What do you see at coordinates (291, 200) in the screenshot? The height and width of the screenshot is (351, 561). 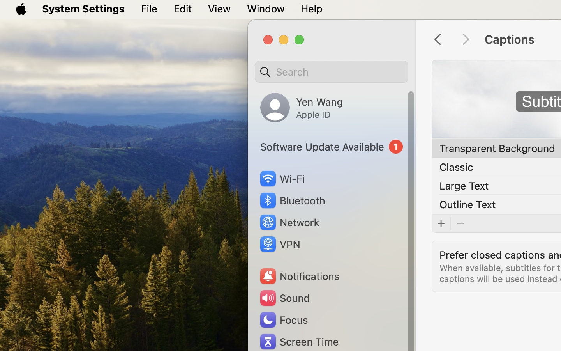 I see `'Bluetooth'` at bounding box center [291, 200].